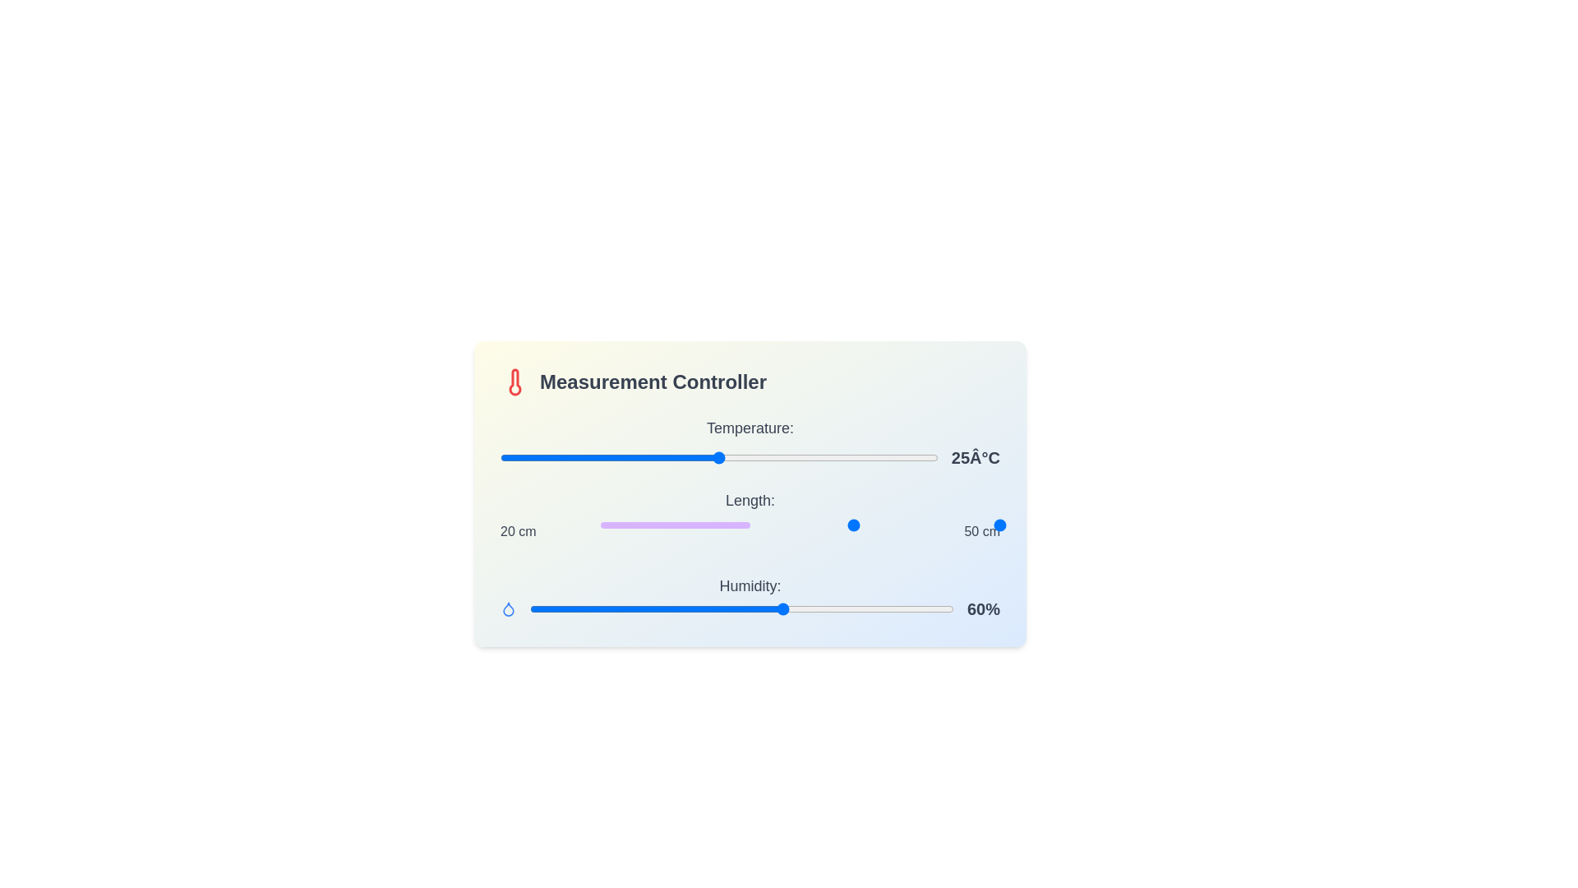 This screenshot has height=888, width=1578. What do you see at coordinates (570, 457) in the screenshot?
I see `the temperature` at bounding box center [570, 457].